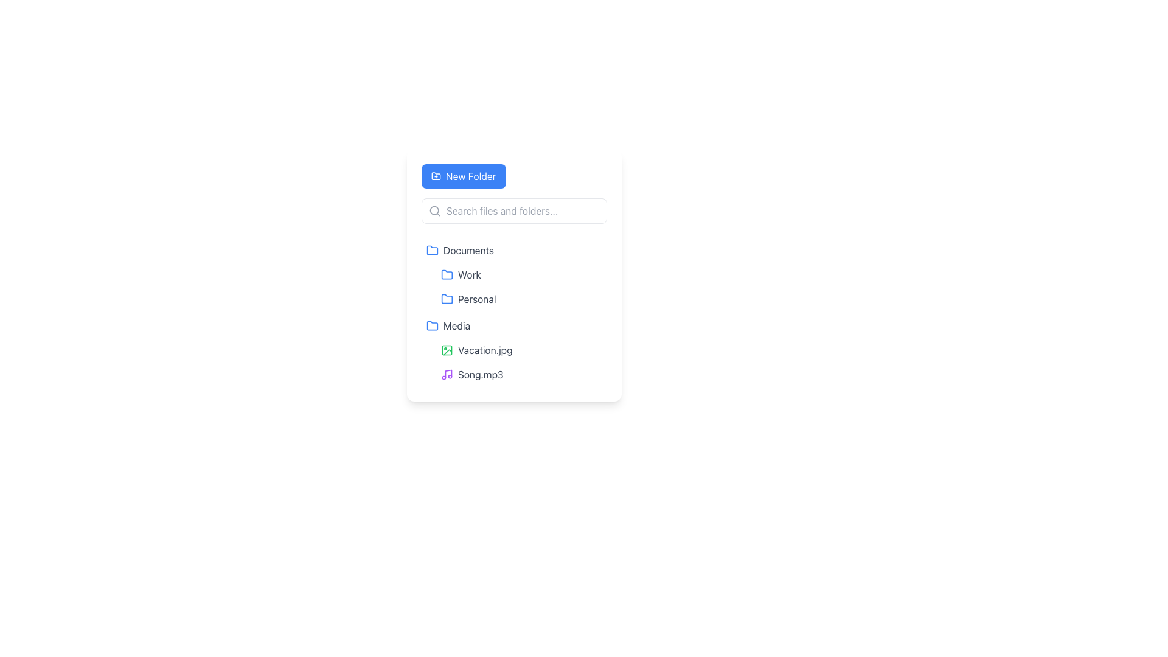 The width and height of the screenshot is (1168, 657). I want to click on the autocomplete suggestions in the text input field for searching files and folders, which has a white background, light gray border, and a magnifying glass icon on the left, so click(514, 210).